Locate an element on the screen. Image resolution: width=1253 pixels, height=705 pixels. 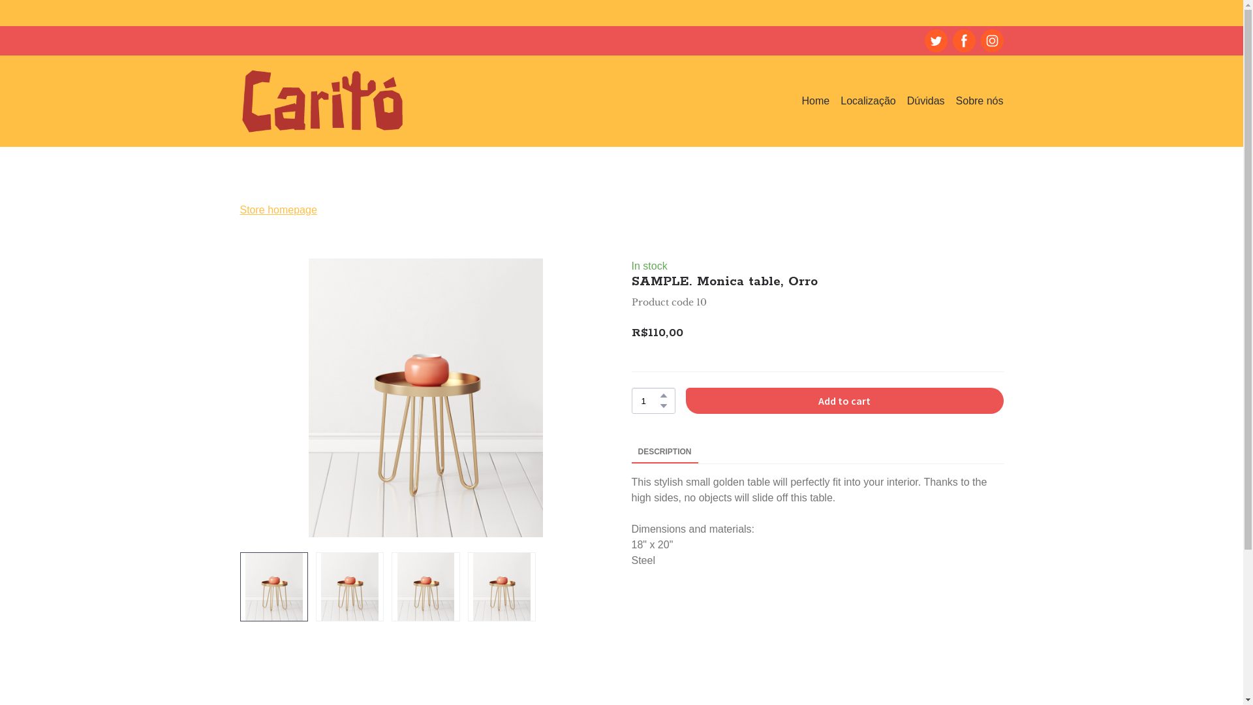
'Add to cart' is located at coordinates (844, 399).